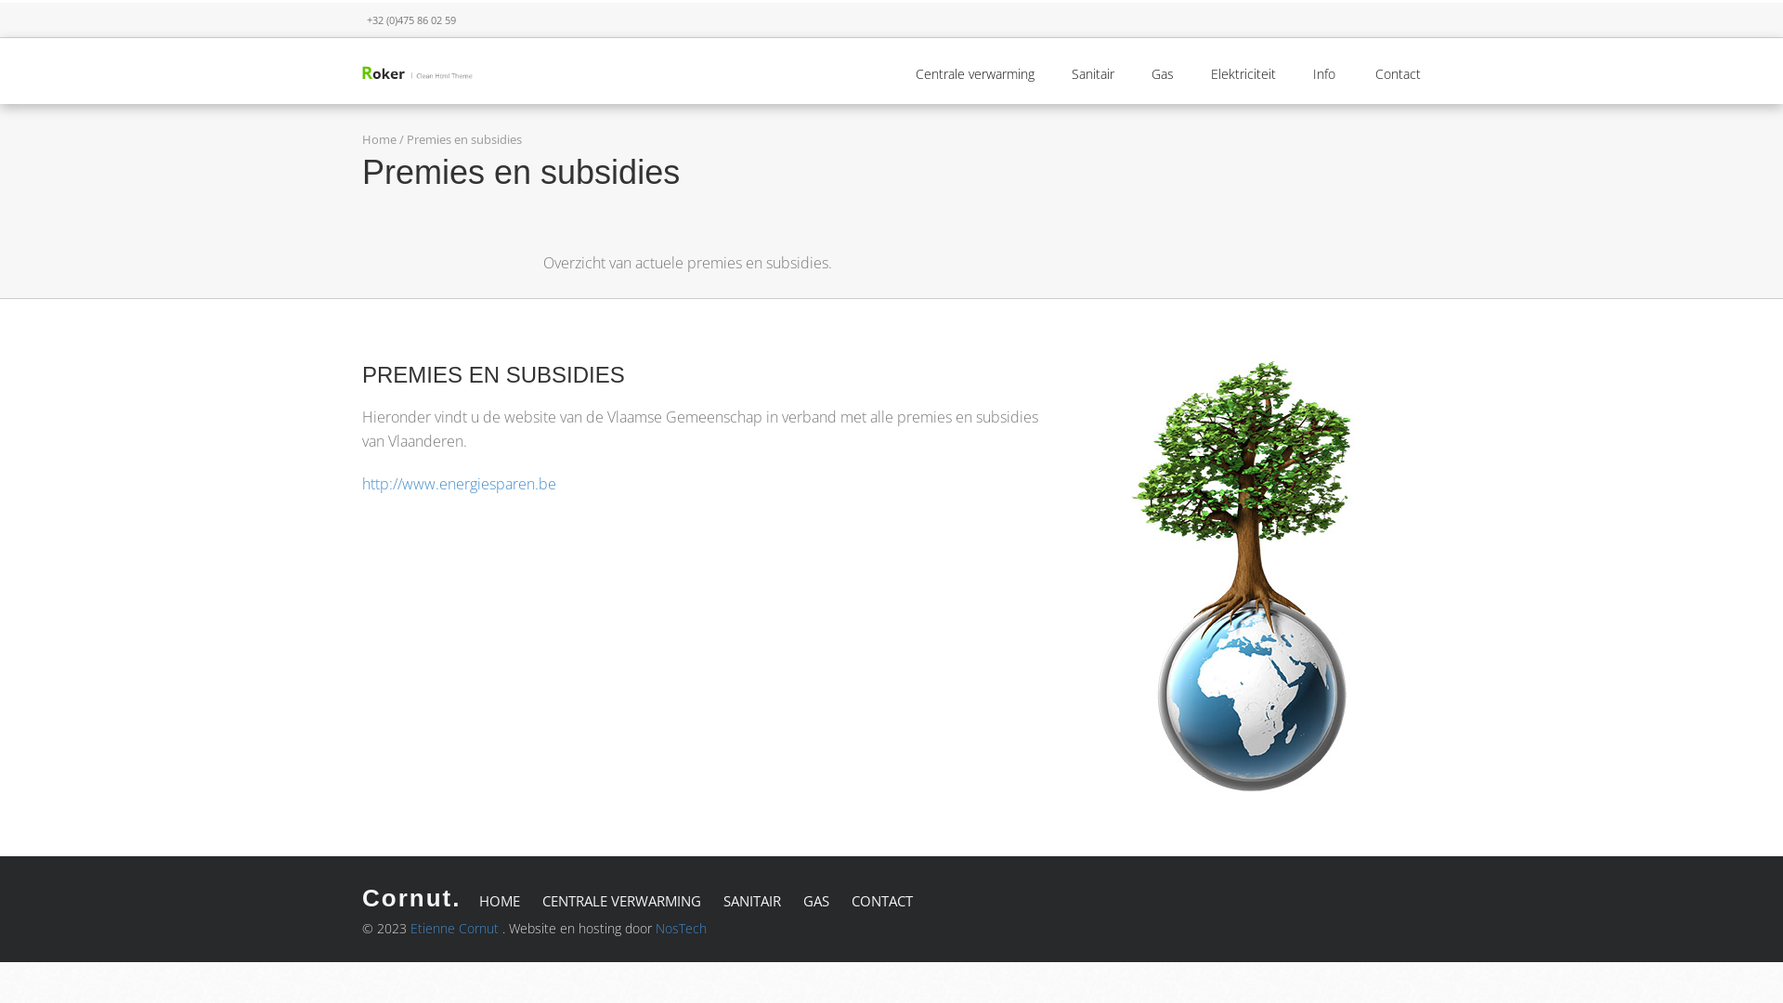  What do you see at coordinates (541, 899) in the screenshot?
I see `'CENTRALE VERWARMING'` at bounding box center [541, 899].